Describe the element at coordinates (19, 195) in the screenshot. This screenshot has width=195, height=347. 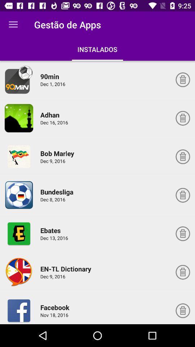
I see `app` at that location.